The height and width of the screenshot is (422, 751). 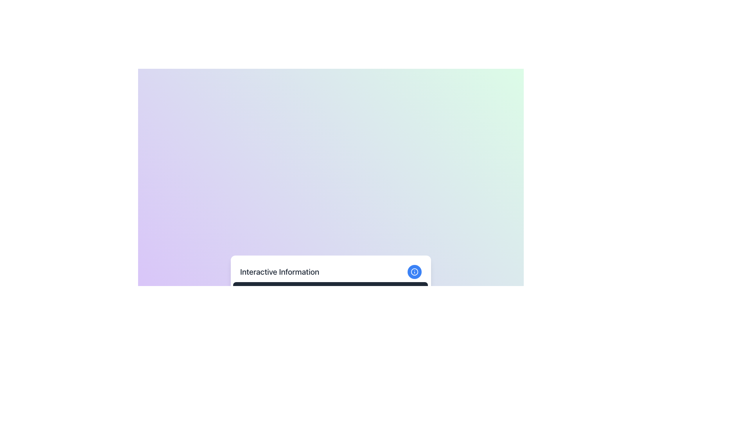 I want to click on the circular element of the 'lucide-info' SVG icon located at the upper-right corner of the white card, so click(x=414, y=271).